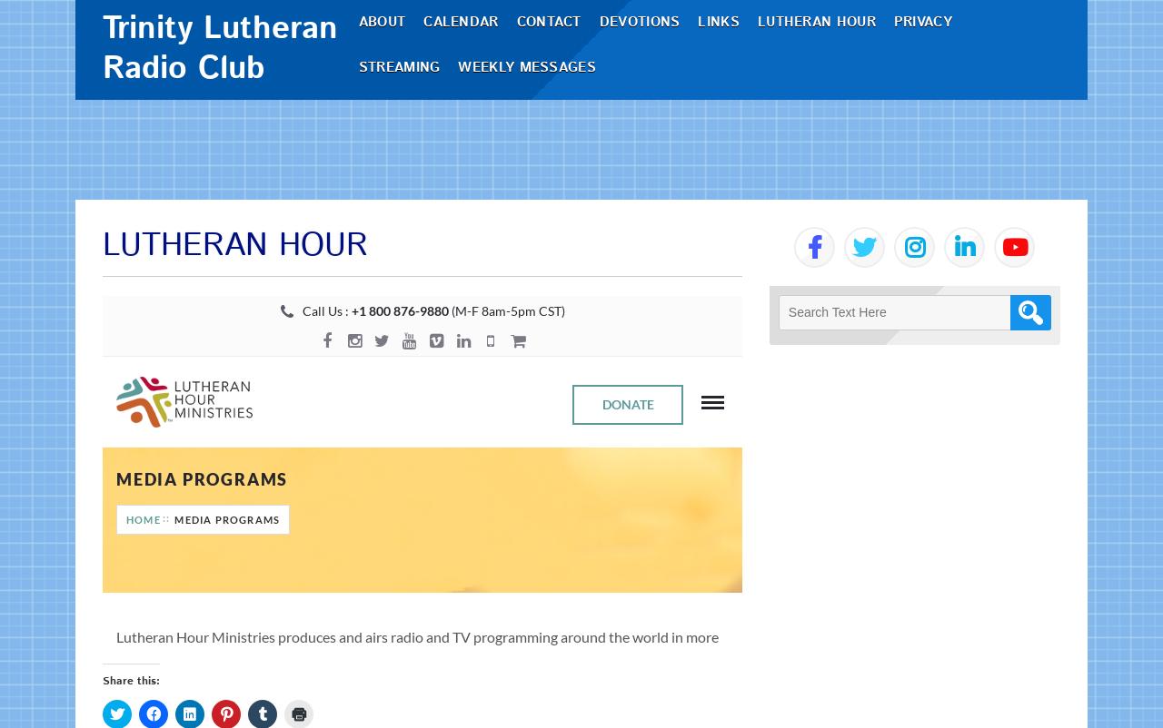  What do you see at coordinates (646, 71) in the screenshot?
I see `'Devotions'` at bounding box center [646, 71].